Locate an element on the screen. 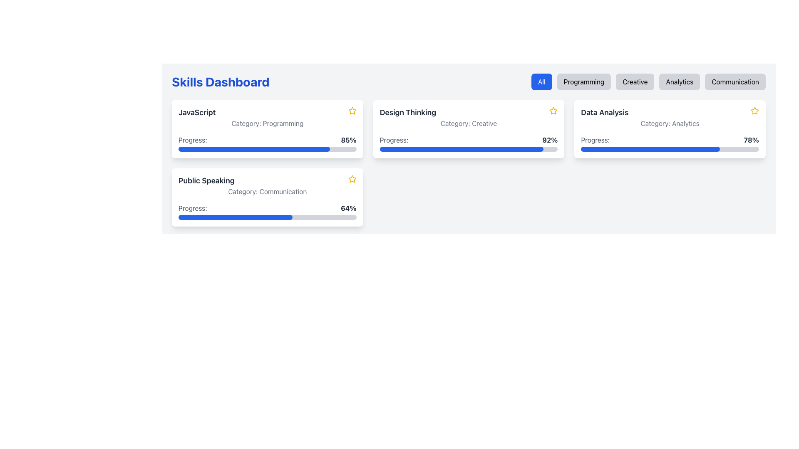  the static text label that categorizes the skill as 'Programming', located within a card under 'JavaScript' and above the progress information in the Skills Dashboard layout is located at coordinates (267, 123).